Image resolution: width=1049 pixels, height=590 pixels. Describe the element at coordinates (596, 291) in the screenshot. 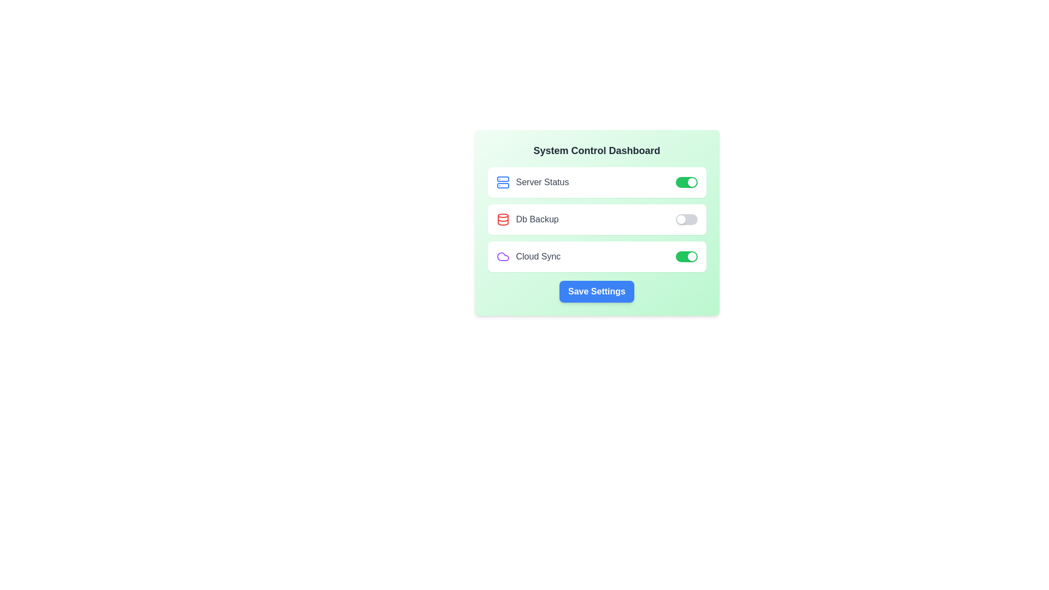

I see `'Save Settings' button to save the current configuration` at that location.